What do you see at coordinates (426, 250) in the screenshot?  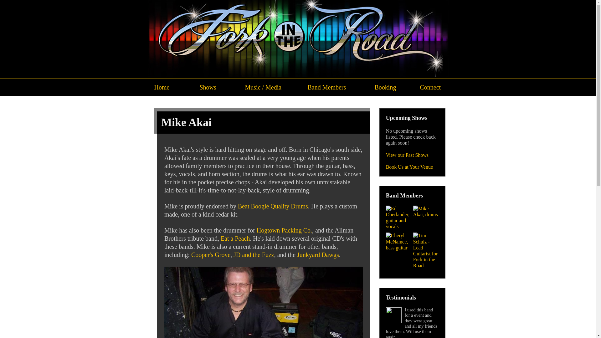 I see `'Tim Schulz - Lead Guitarist for Fork in the Road'` at bounding box center [426, 250].